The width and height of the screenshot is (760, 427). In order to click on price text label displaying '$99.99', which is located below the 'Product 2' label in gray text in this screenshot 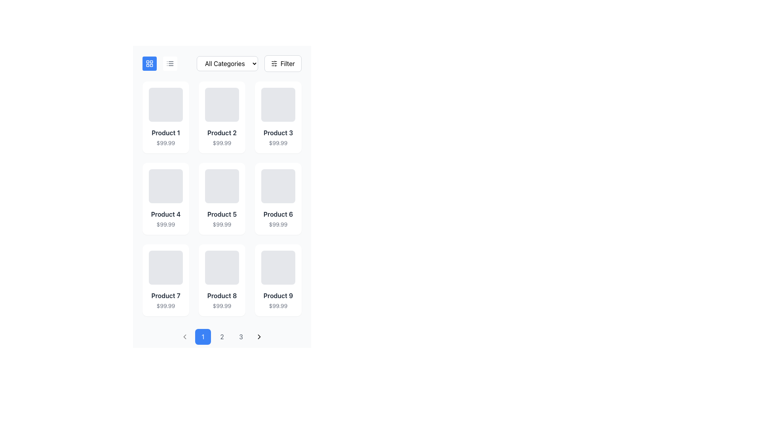, I will do `click(222, 143)`.